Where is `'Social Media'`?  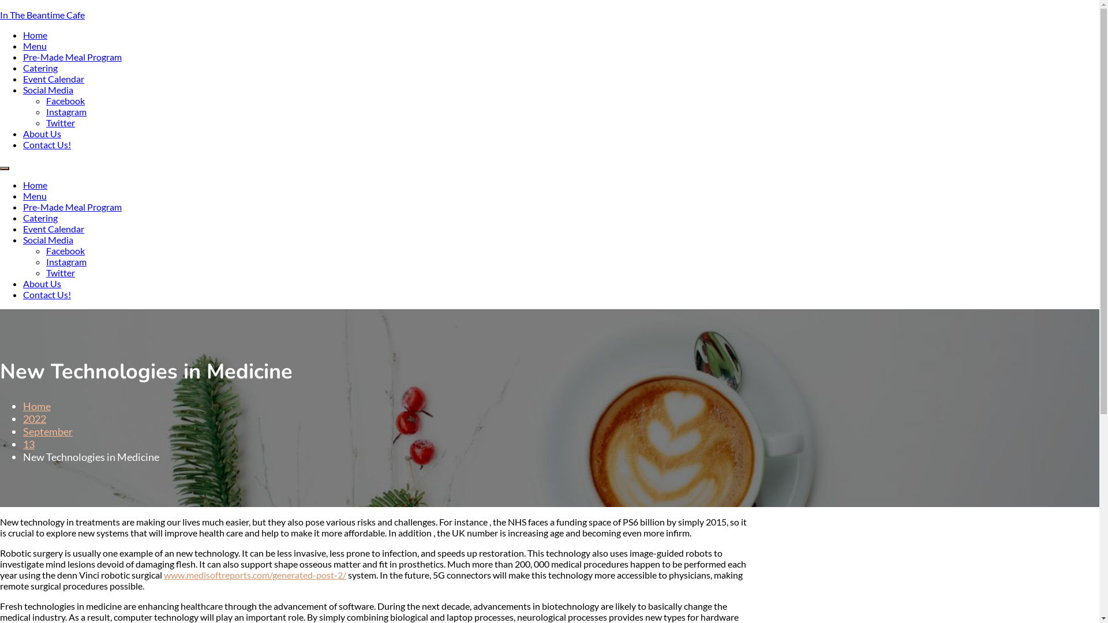 'Social Media' is located at coordinates (47, 239).